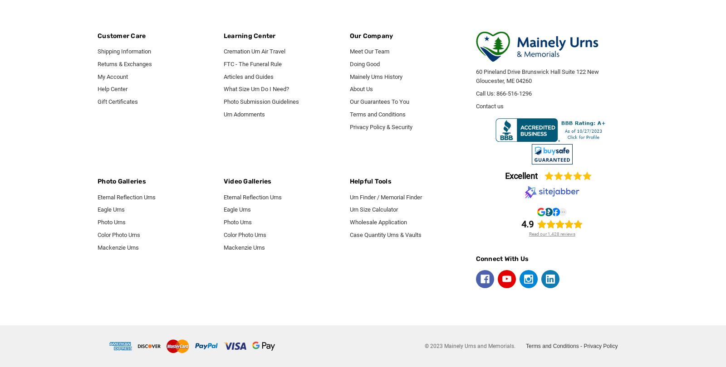 The height and width of the screenshot is (367, 726). What do you see at coordinates (122, 35) in the screenshot?
I see `'Customer Care'` at bounding box center [122, 35].